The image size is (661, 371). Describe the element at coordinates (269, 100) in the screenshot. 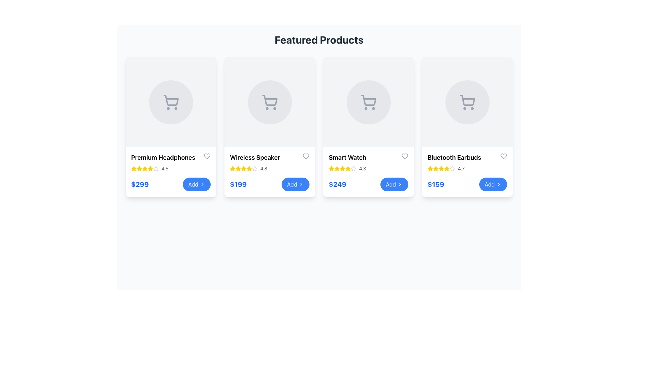

I see `the shopping cart icon that represents the basket portion of the cart, located within the second card titled 'Wireless Speaker'` at that location.